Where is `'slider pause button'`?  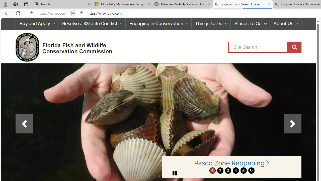 'slider pause button' is located at coordinates (175, 173).